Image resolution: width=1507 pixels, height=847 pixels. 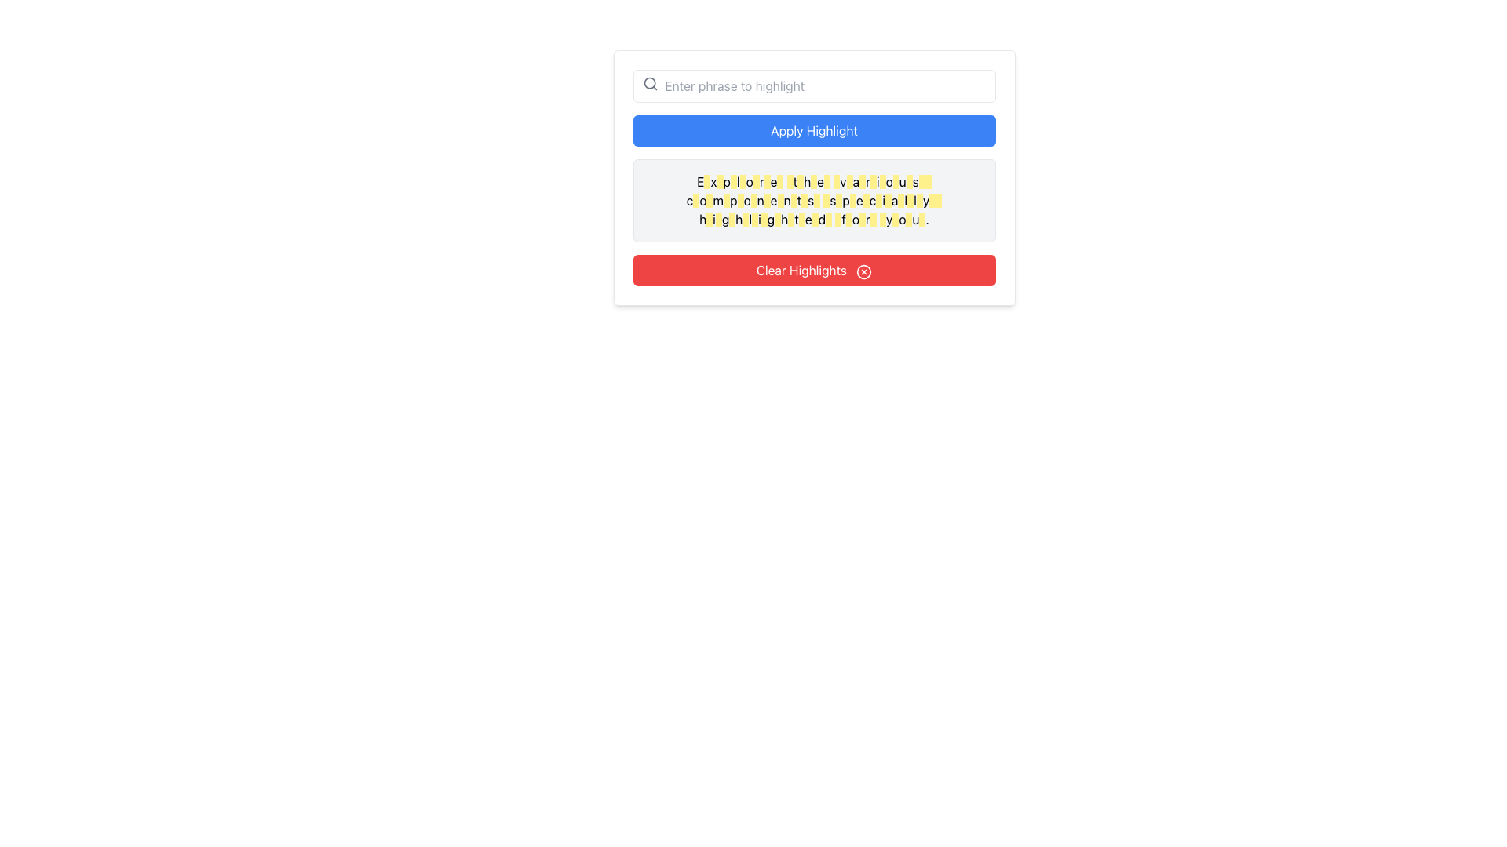 I want to click on the decorative highlight box located in the second row of yellow-highlighted words, positioned beneath the 'Apply Highlight' and 'Clear Highlights' buttons, so click(x=695, y=199).